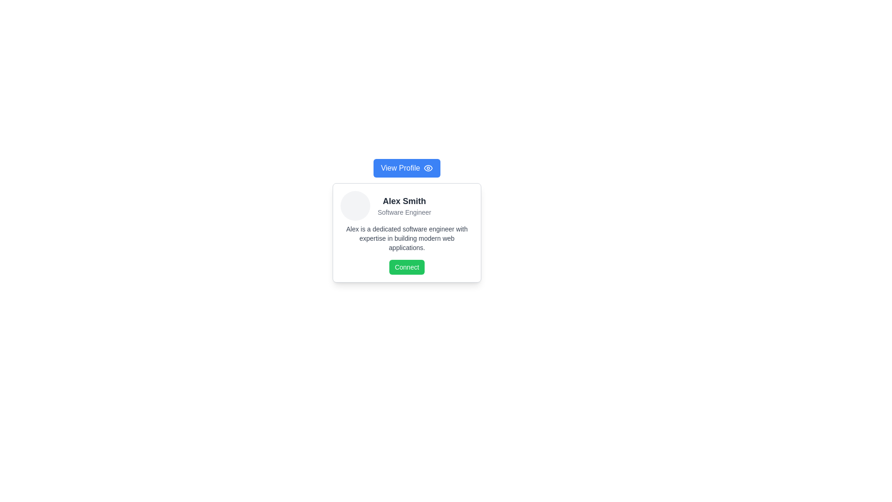 Image resolution: width=892 pixels, height=502 pixels. Describe the element at coordinates (407, 267) in the screenshot. I see `the button located at the bottom of the profile card for the software engineer named Alex Smith to observe the hover effect` at that location.